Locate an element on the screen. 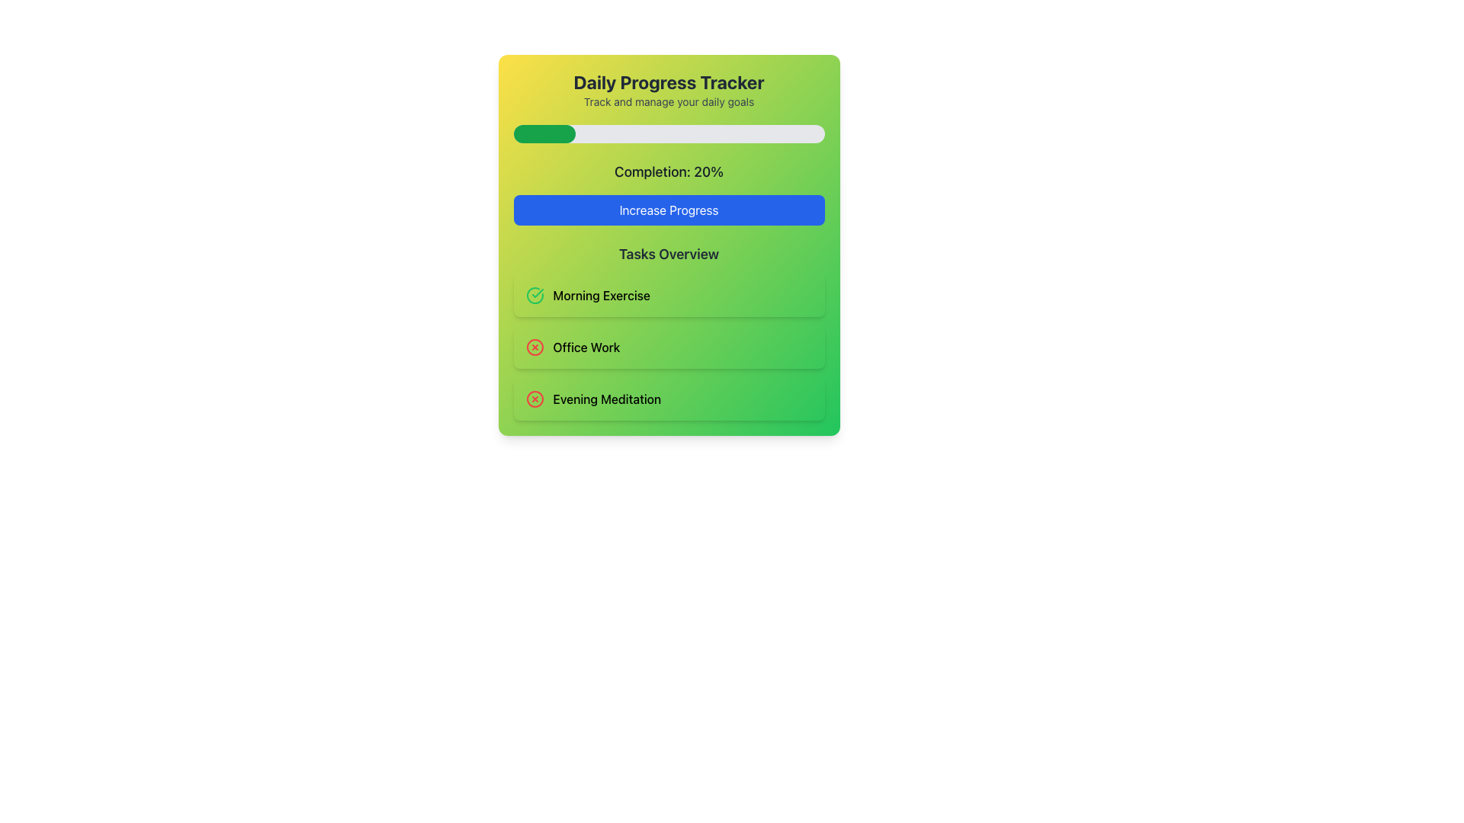 The width and height of the screenshot is (1464, 823). the decorative circle SVG element that represents the status of the 'Evening Meditation' task, located next to the task label in the third row of the 'Tasks Overview' section is located at coordinates (535, 399).